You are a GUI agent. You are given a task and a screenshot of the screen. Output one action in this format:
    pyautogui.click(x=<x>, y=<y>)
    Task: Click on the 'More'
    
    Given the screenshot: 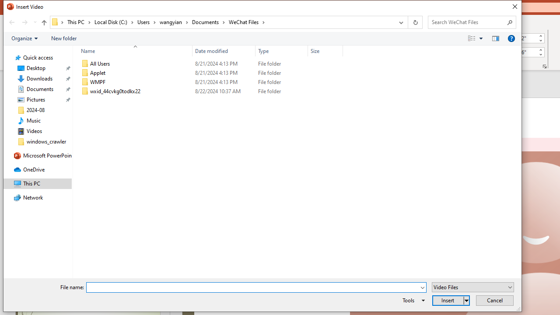 What is the action you would take?
    pyautogui.click(x=540, y=49)
    